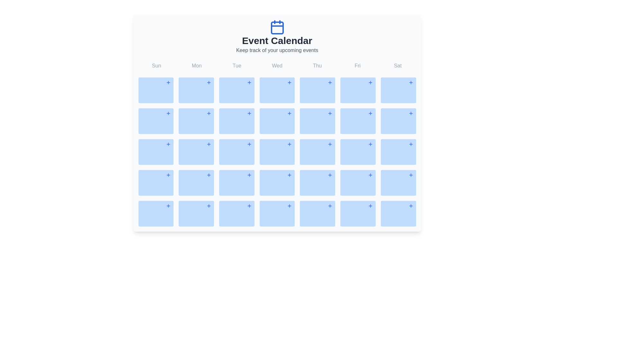 This screenshot has width=617, height=347. I want to click on the blue plus icon located at the upper-right corner of the last cell in the fifth row of the calendar grid, so click(168, 206).